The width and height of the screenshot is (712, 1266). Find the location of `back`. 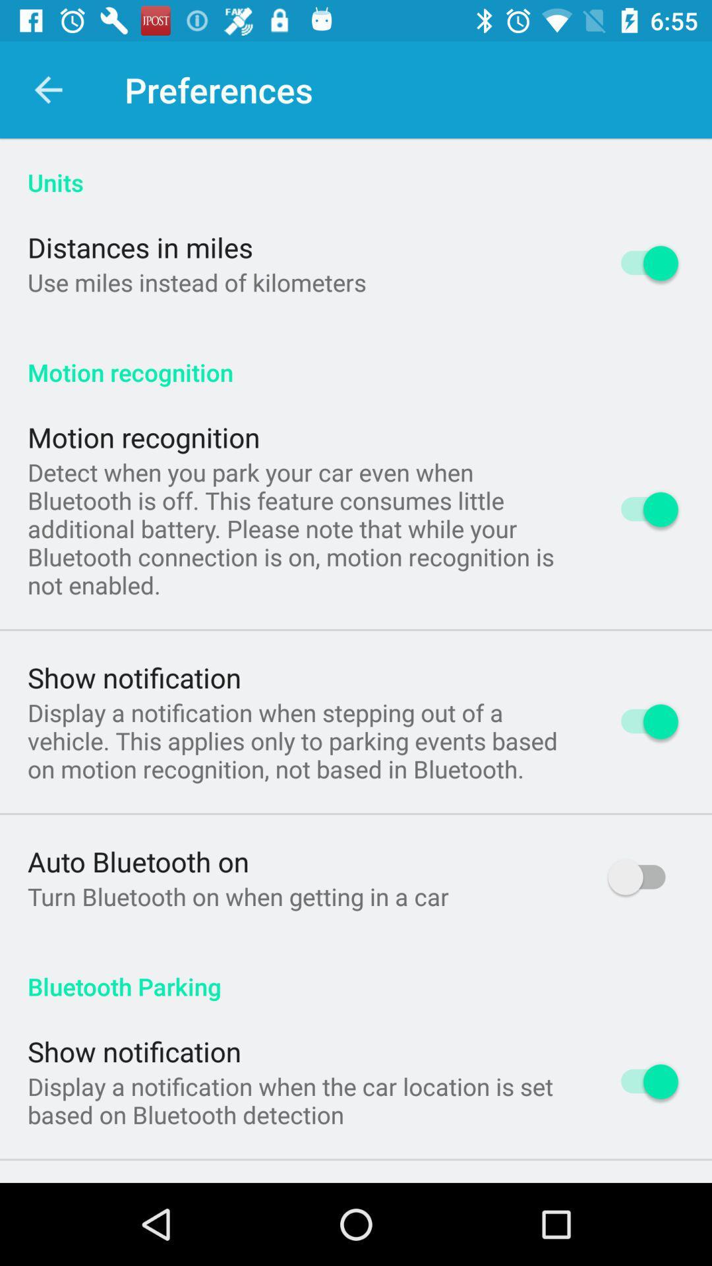

back is located at coordinates (47, 89).